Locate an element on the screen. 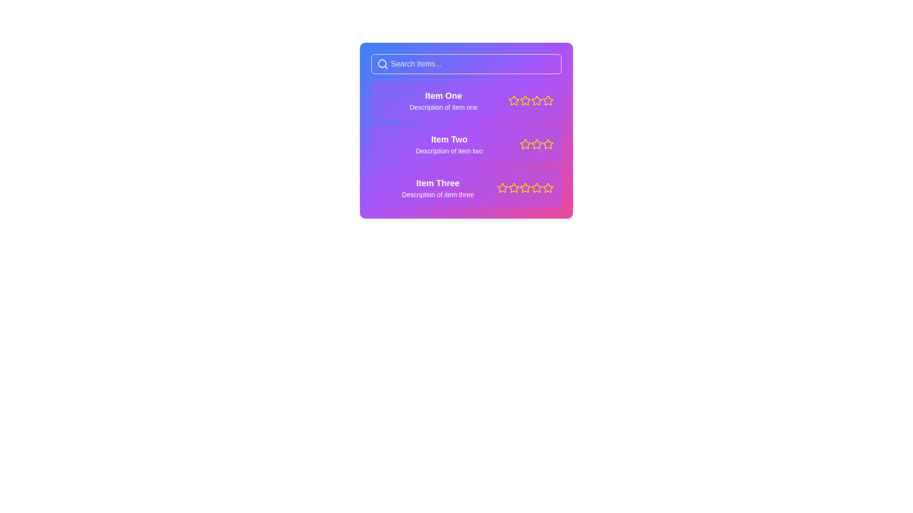 Image resolution: width=913 pixels, height=513 pixels. the third star icon in the rating system for the second item in the vertical list to give a rating is located at coordinates (536, 144).